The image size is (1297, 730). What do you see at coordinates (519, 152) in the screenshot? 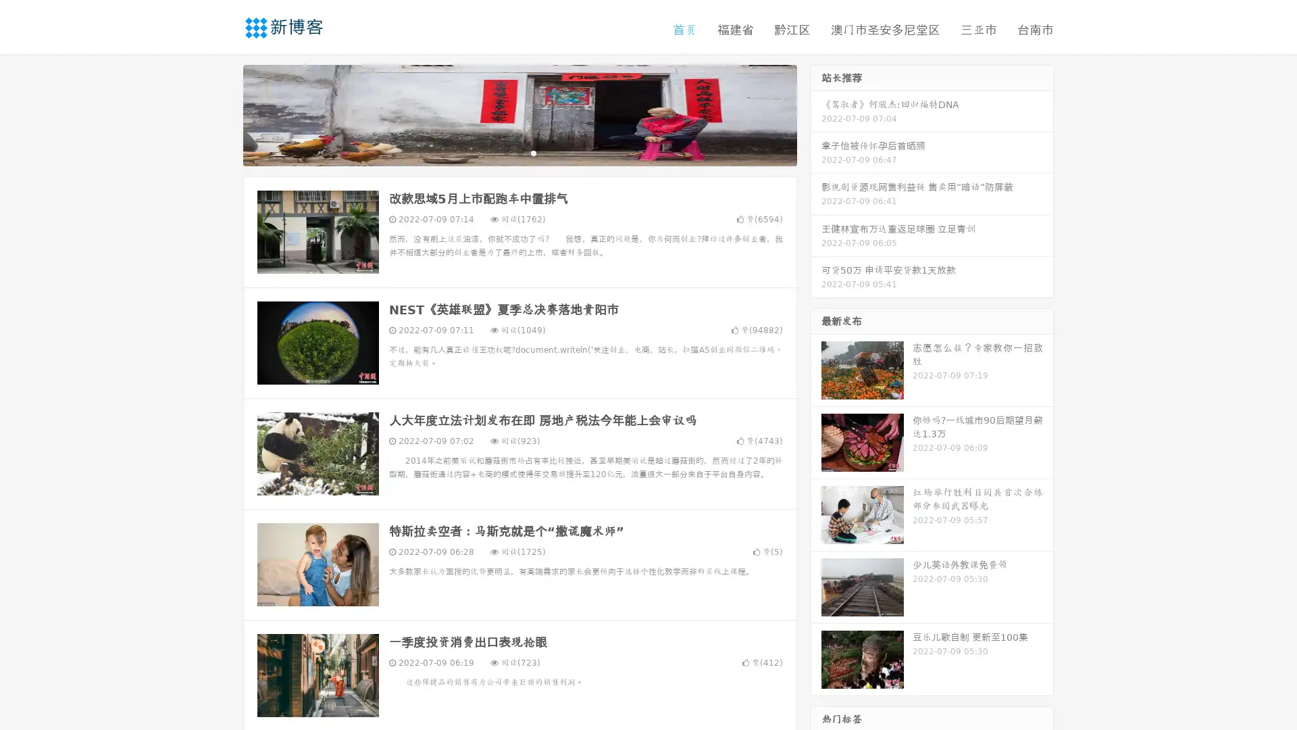
I see `Go to slide 2` at bounding box center [519, 152].